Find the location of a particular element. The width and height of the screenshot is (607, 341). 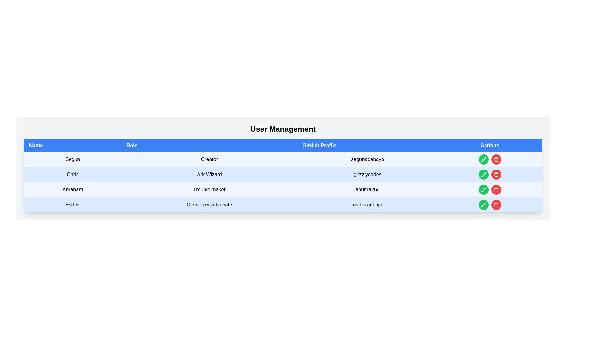

the green circular pencil icon located in the Actions column of the user management table in the last row for the user 'Esther' is located at coordinates (483, 205).